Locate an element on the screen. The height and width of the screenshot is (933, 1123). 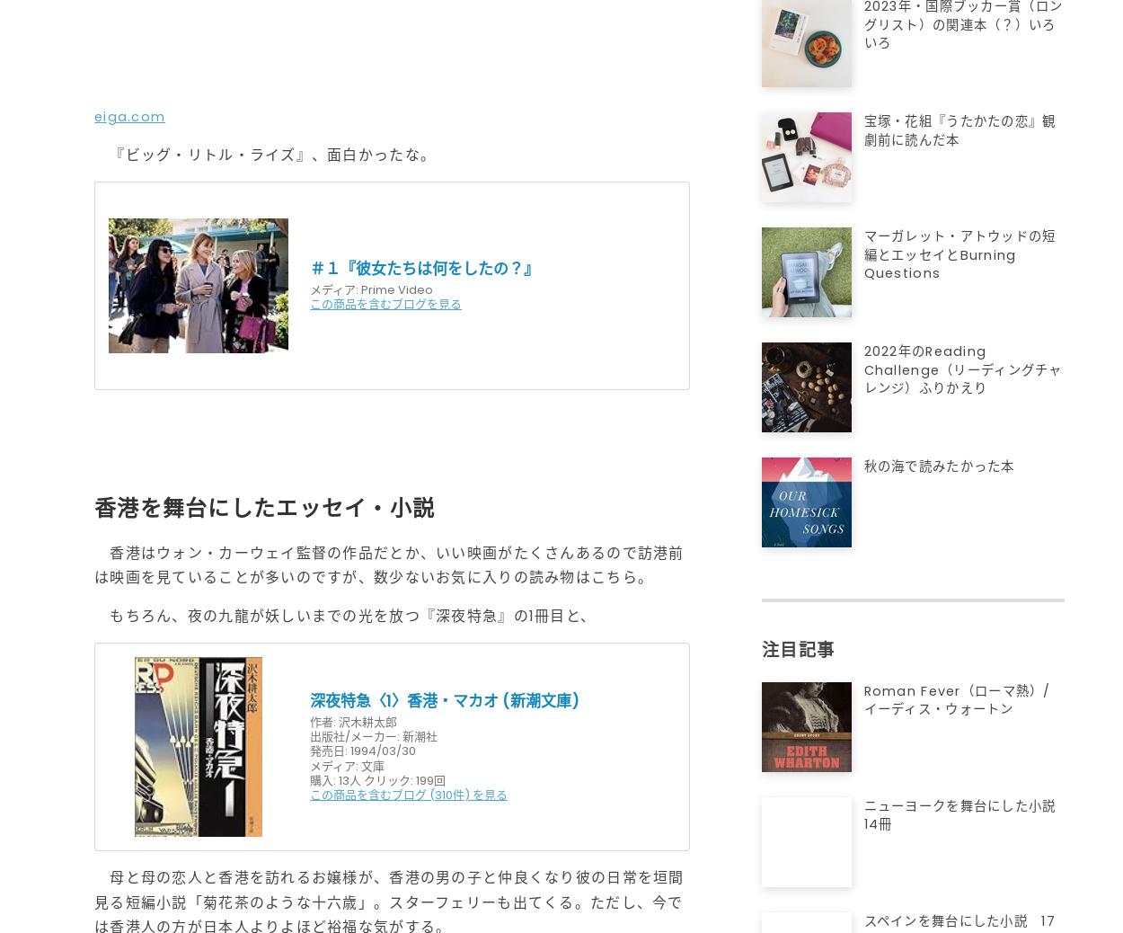
'eiga.com' is located at coordinates (129, 115).